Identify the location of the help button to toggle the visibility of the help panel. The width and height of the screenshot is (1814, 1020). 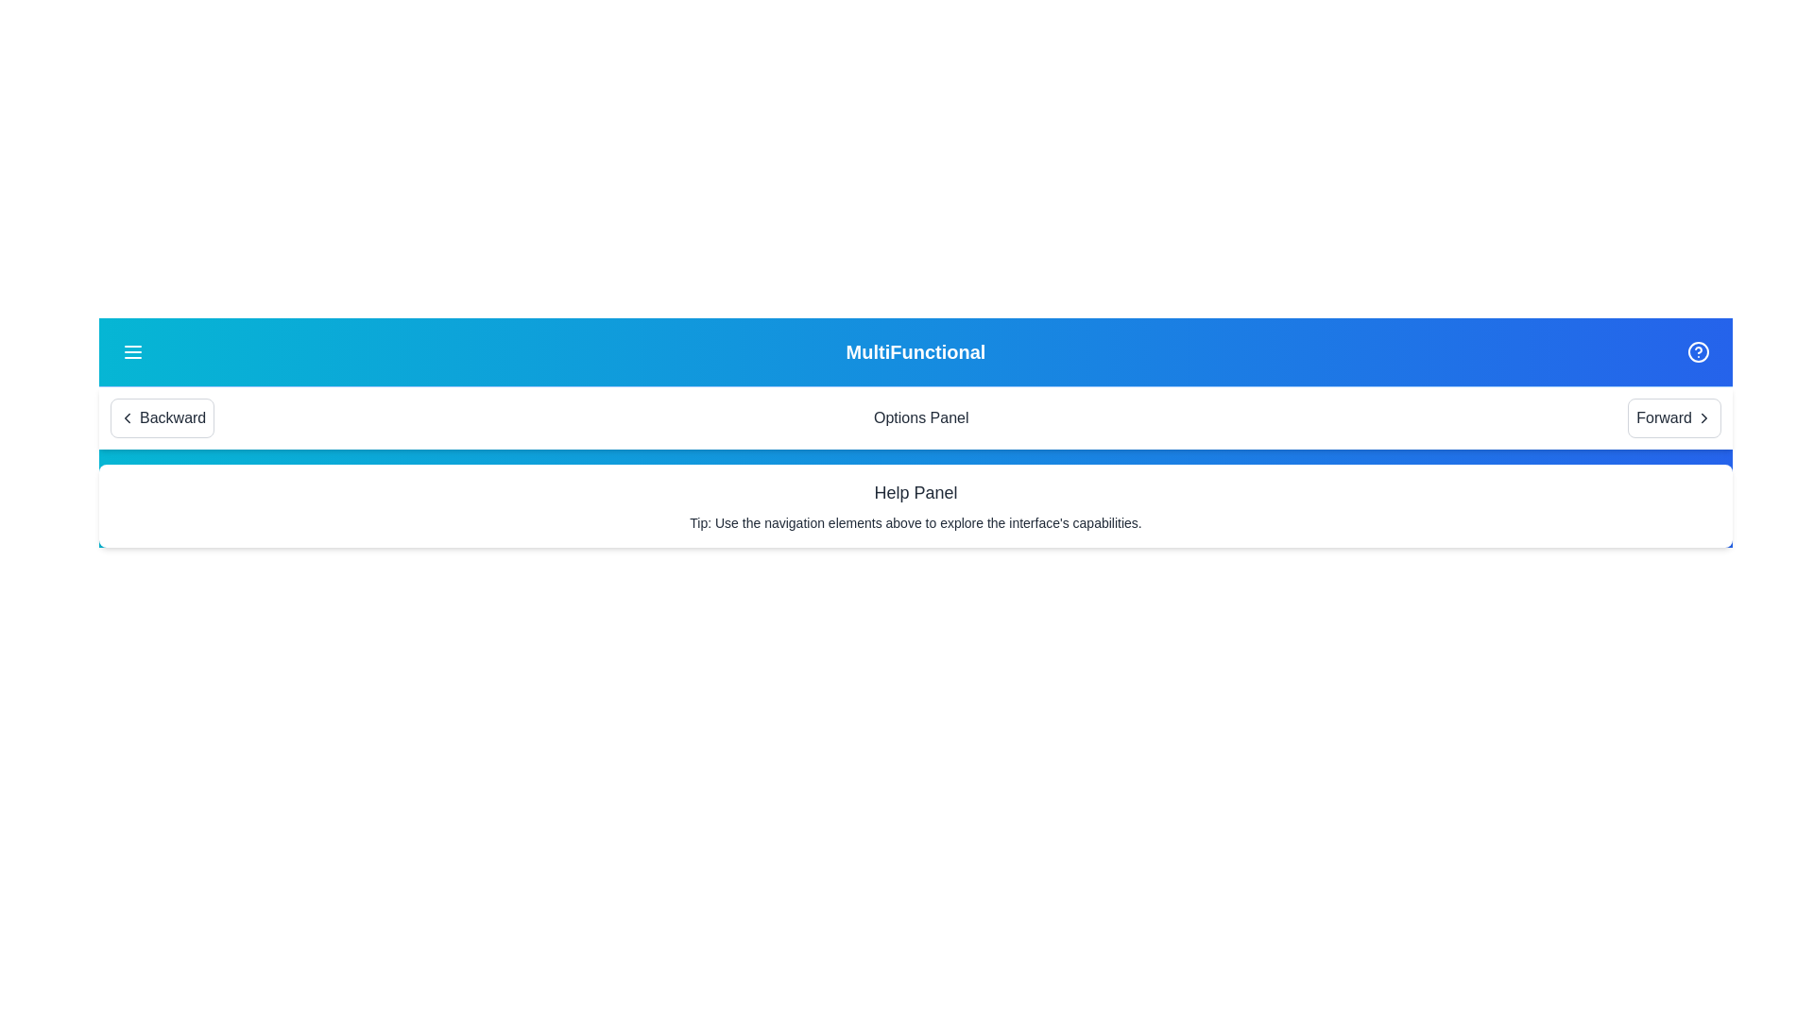
(1698, 352).